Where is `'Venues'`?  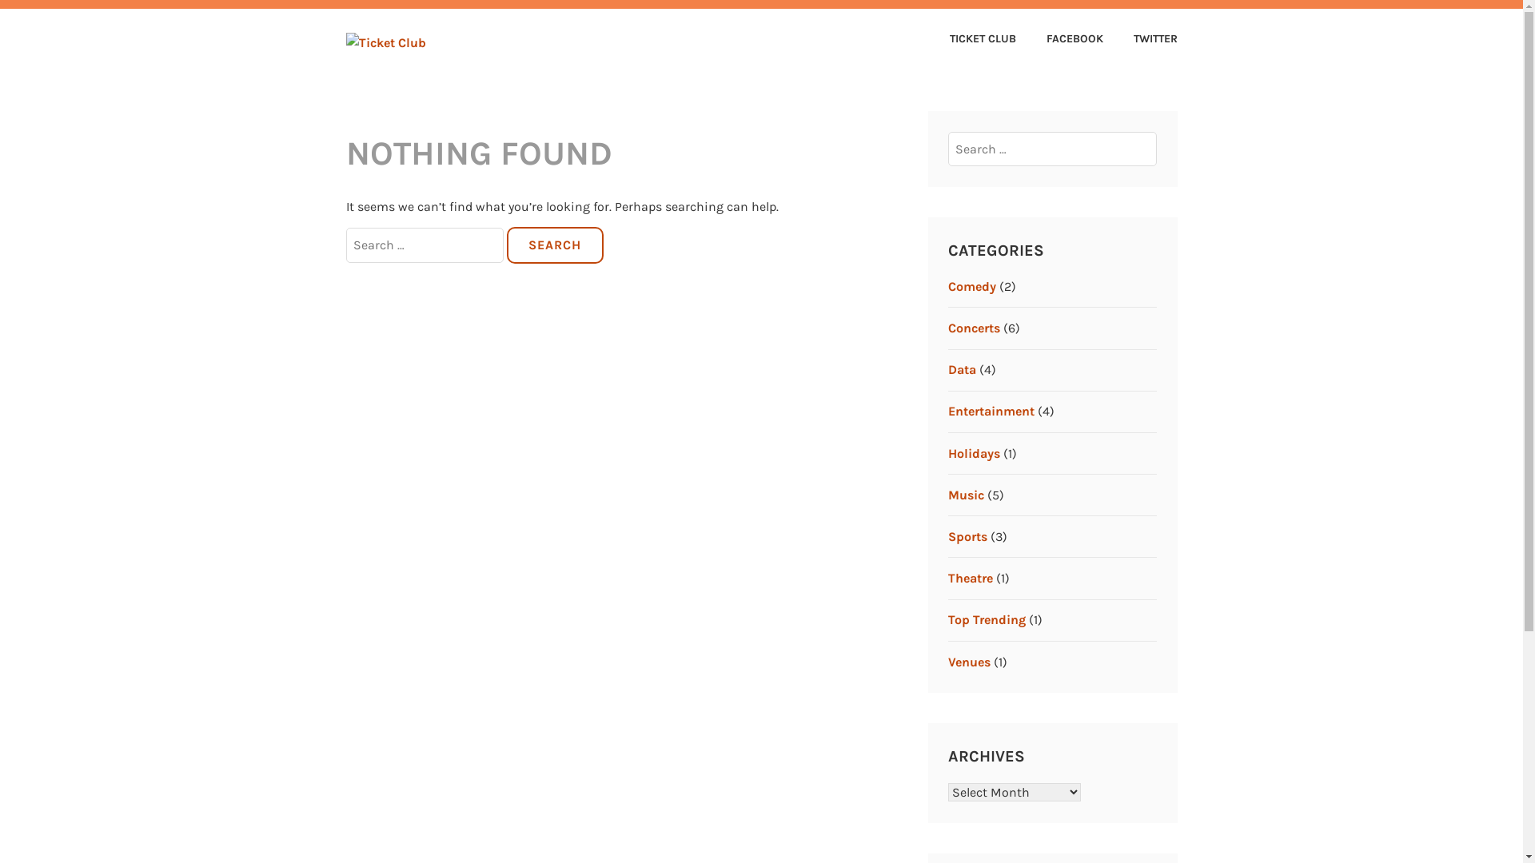
'Venues' is located at coordinates (947, 662).